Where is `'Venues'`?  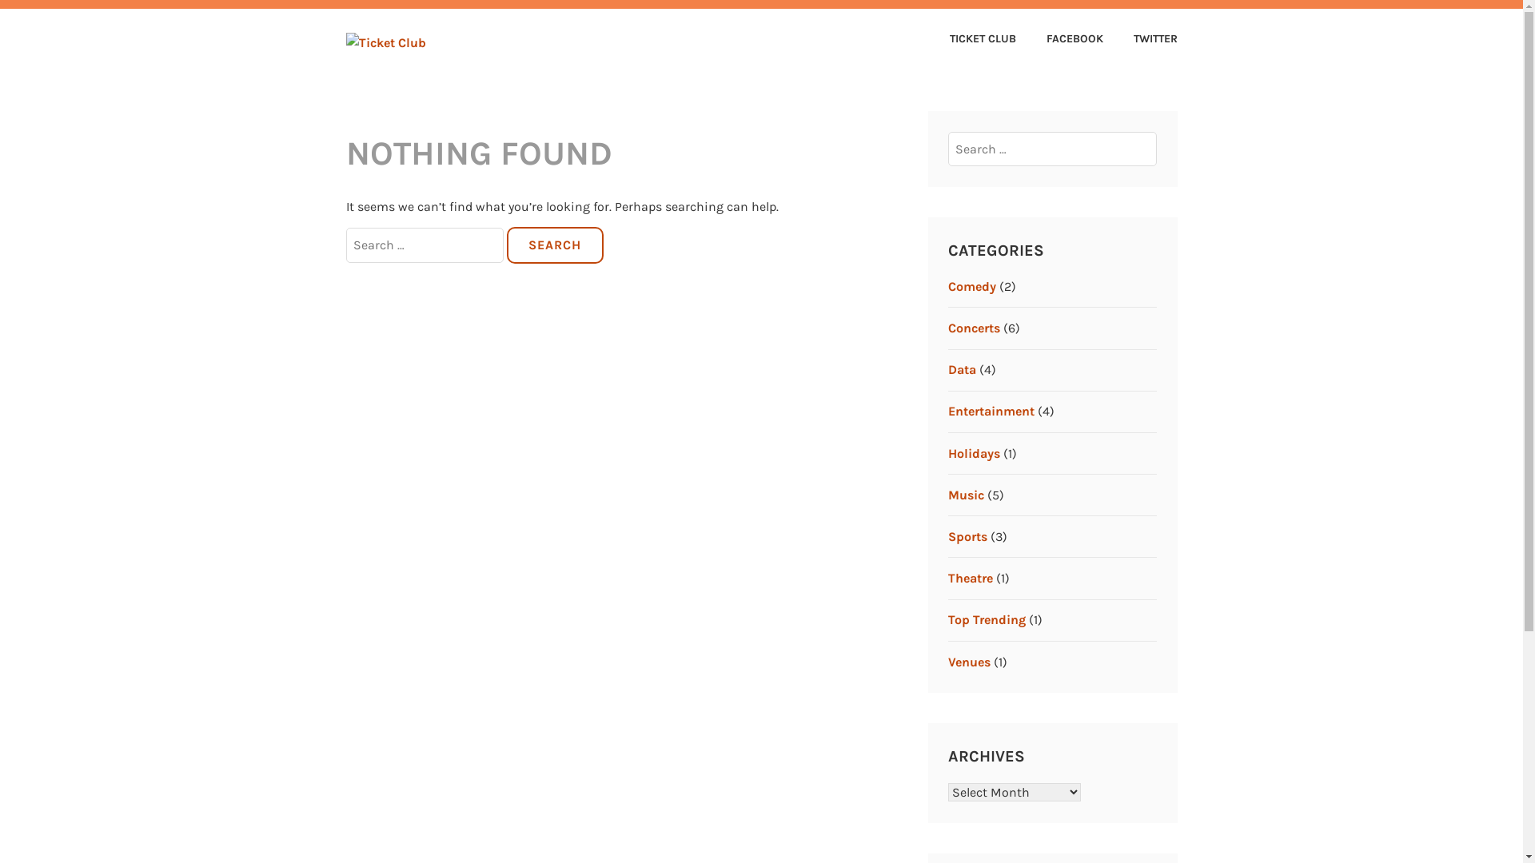
'Venues' is located at coordinates (947, 662).